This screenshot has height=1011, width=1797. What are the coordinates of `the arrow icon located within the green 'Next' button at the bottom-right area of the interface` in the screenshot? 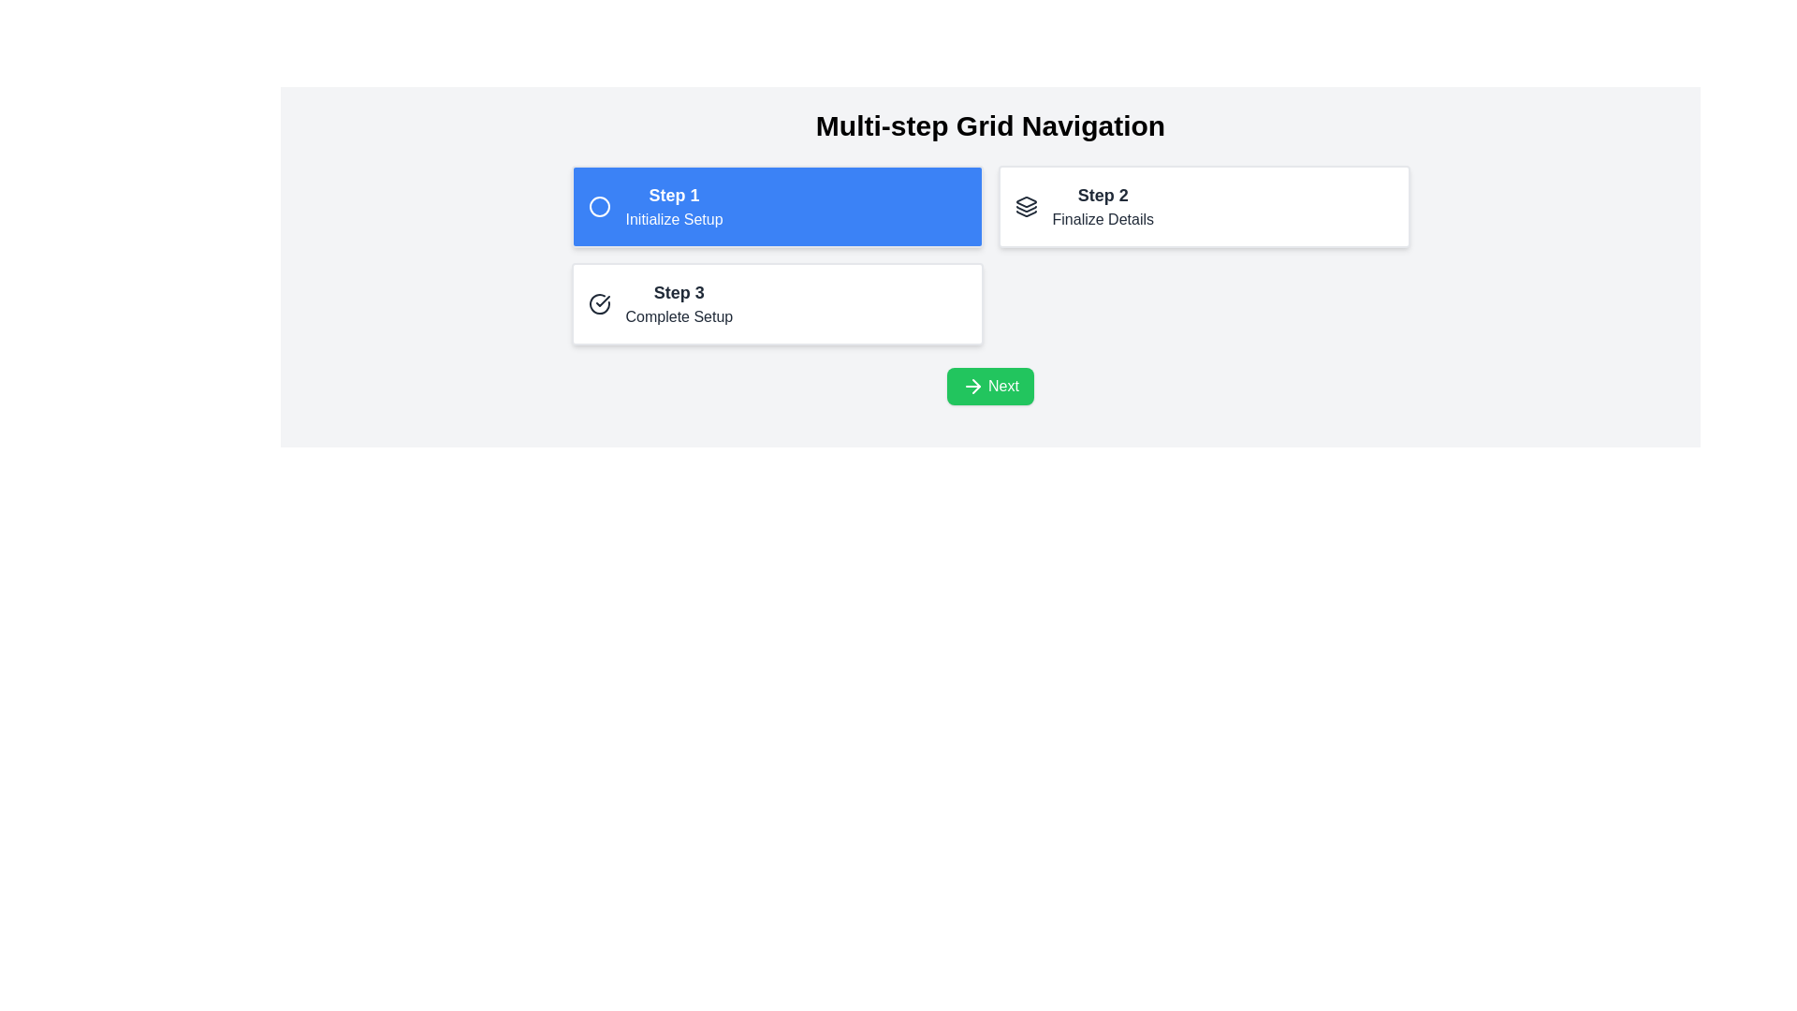 It's located at (973, 385).